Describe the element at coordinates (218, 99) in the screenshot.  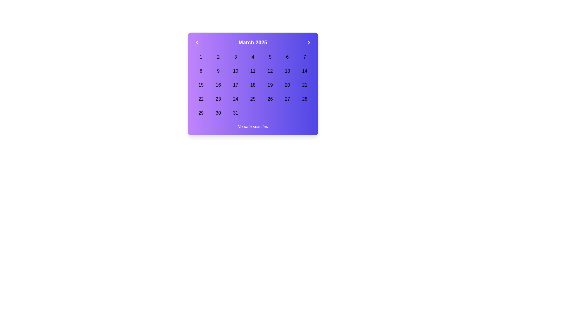
I see `the clickable date button displaying '23'` at that location.